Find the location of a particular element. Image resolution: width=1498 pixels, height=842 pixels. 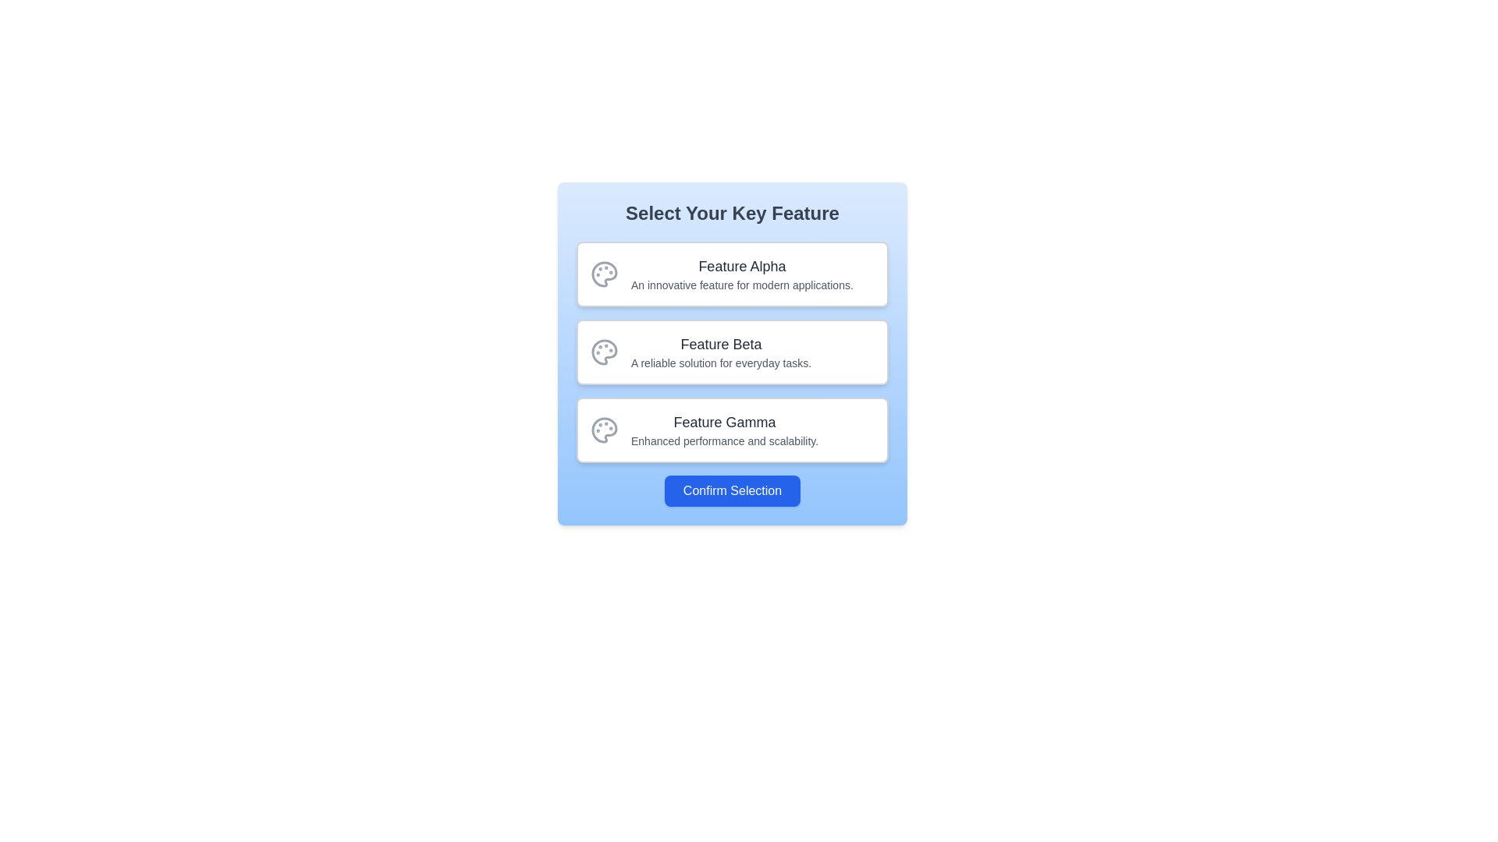

the 'Confirm Selection' button is located at coordinates (732, 490).